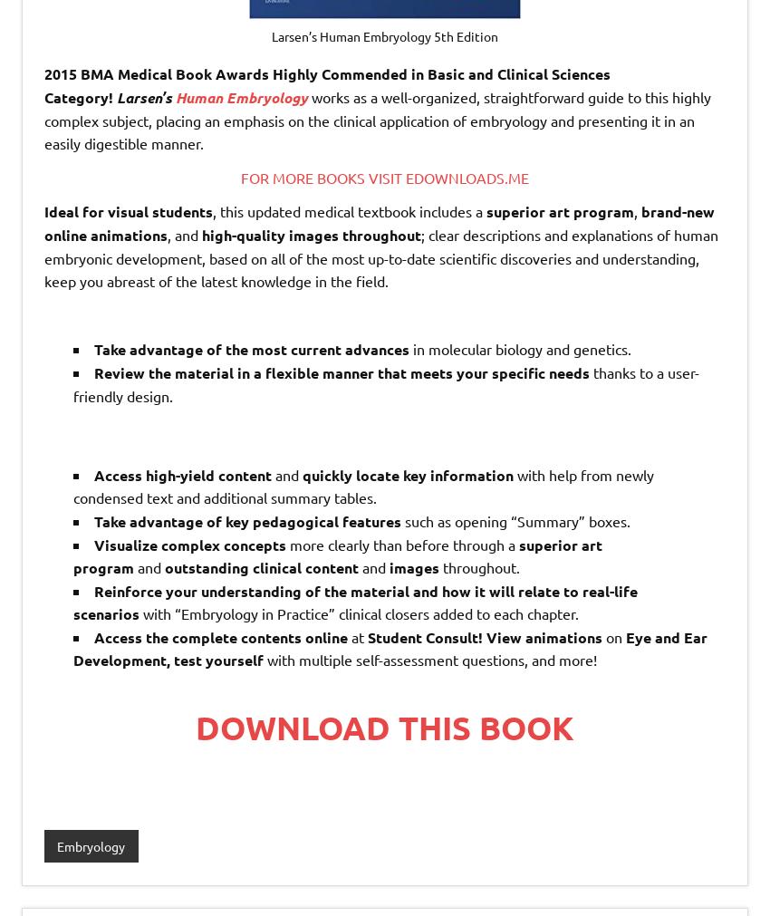 This screenshot has width=770, height=916. Describe the element at coordinates (381, 234) in the screenshot. I see `'throughout'` at that location.